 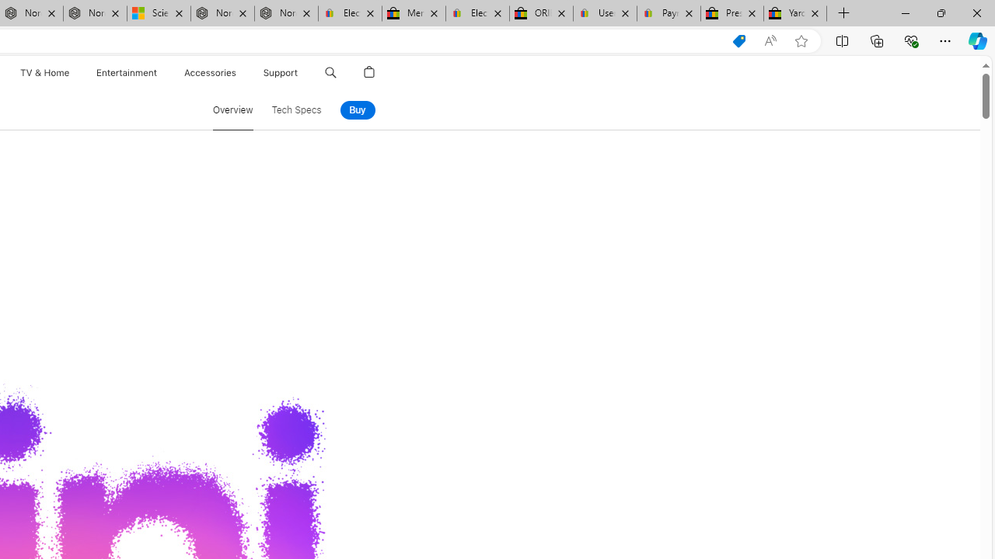 What do you see at coordinates (301, 72) in the screenshot?
I see `'Support menu'` at bounding box center [301, 72].